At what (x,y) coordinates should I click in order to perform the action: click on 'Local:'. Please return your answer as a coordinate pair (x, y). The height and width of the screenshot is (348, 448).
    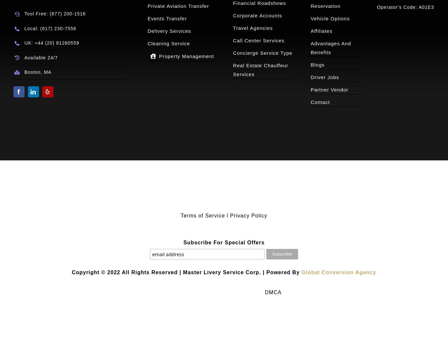
    Looking at the image, I should click on (32, 28).